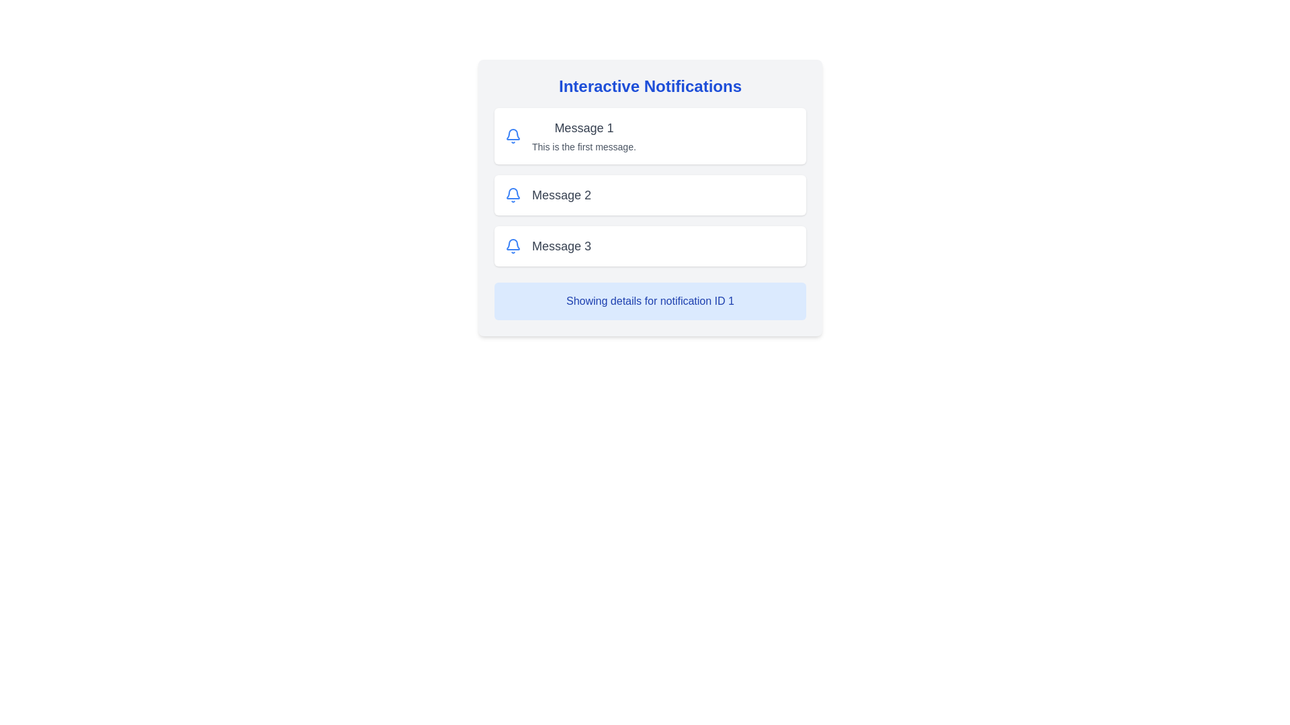 The width and height of the screenshot is (1290, 725). Describe the element at coordinates (650, 197) in the screenshot. I see `the second notification item in the list, which is located between 'Message 1' and 'Message 3'` at that location.